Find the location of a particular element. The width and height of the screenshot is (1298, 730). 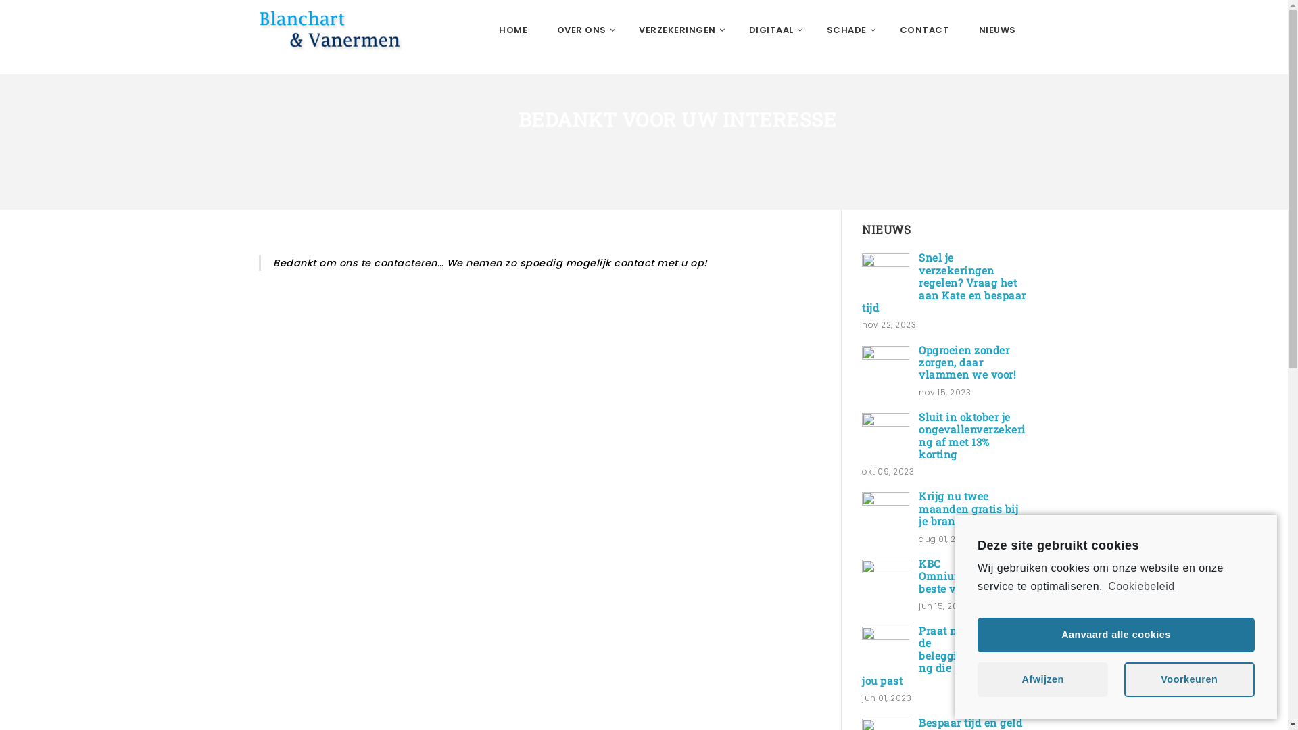

'SCHADE' is located at coordinates (847, 30).